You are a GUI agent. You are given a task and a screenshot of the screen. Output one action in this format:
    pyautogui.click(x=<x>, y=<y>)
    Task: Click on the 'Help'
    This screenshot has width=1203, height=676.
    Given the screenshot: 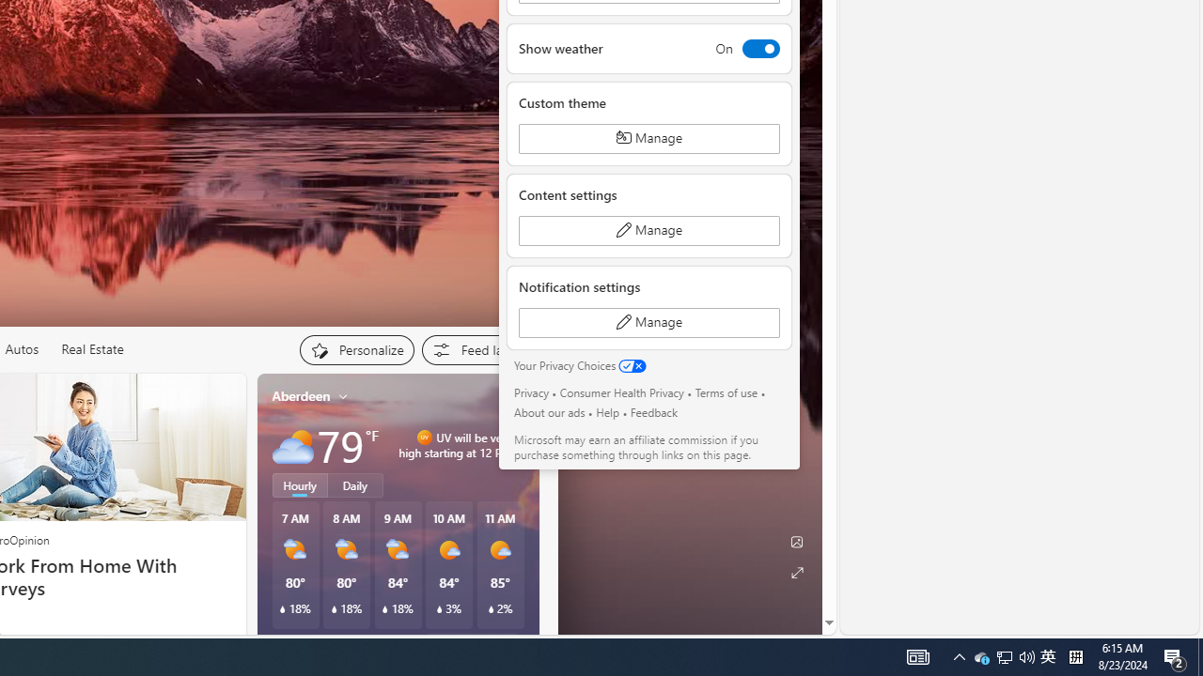 What is the action you would take?
    pyautogui.click(x=607, y=411)
    